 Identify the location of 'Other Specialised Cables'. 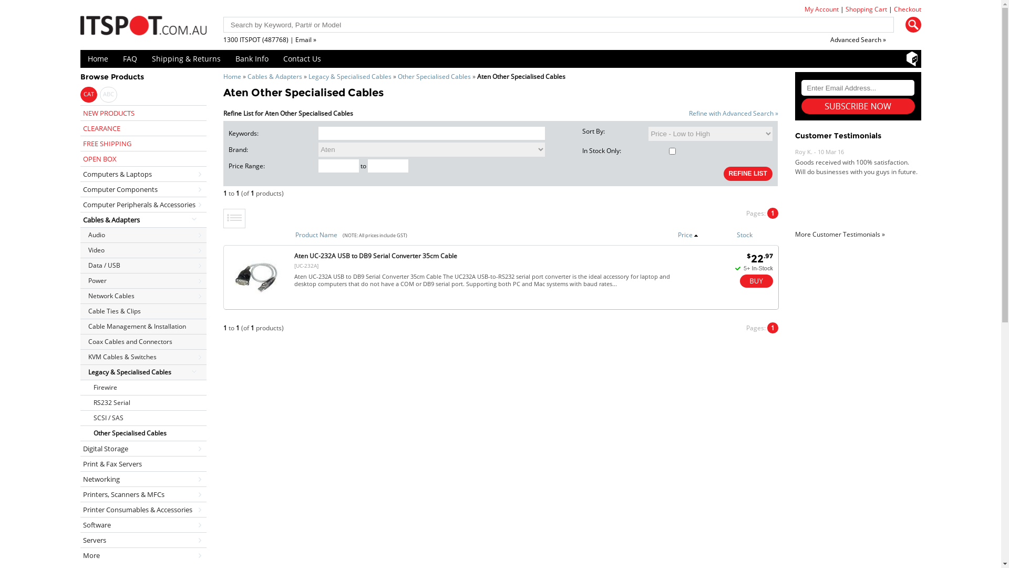
(434, 76).